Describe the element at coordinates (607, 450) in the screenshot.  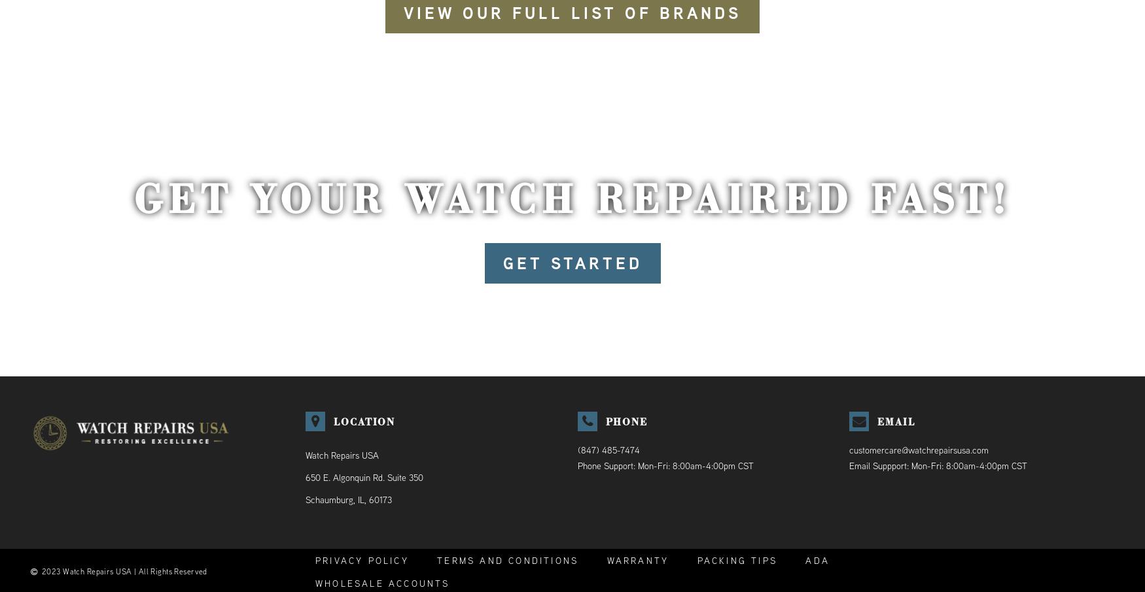
I see `'(847) 485-7474'` at that location.